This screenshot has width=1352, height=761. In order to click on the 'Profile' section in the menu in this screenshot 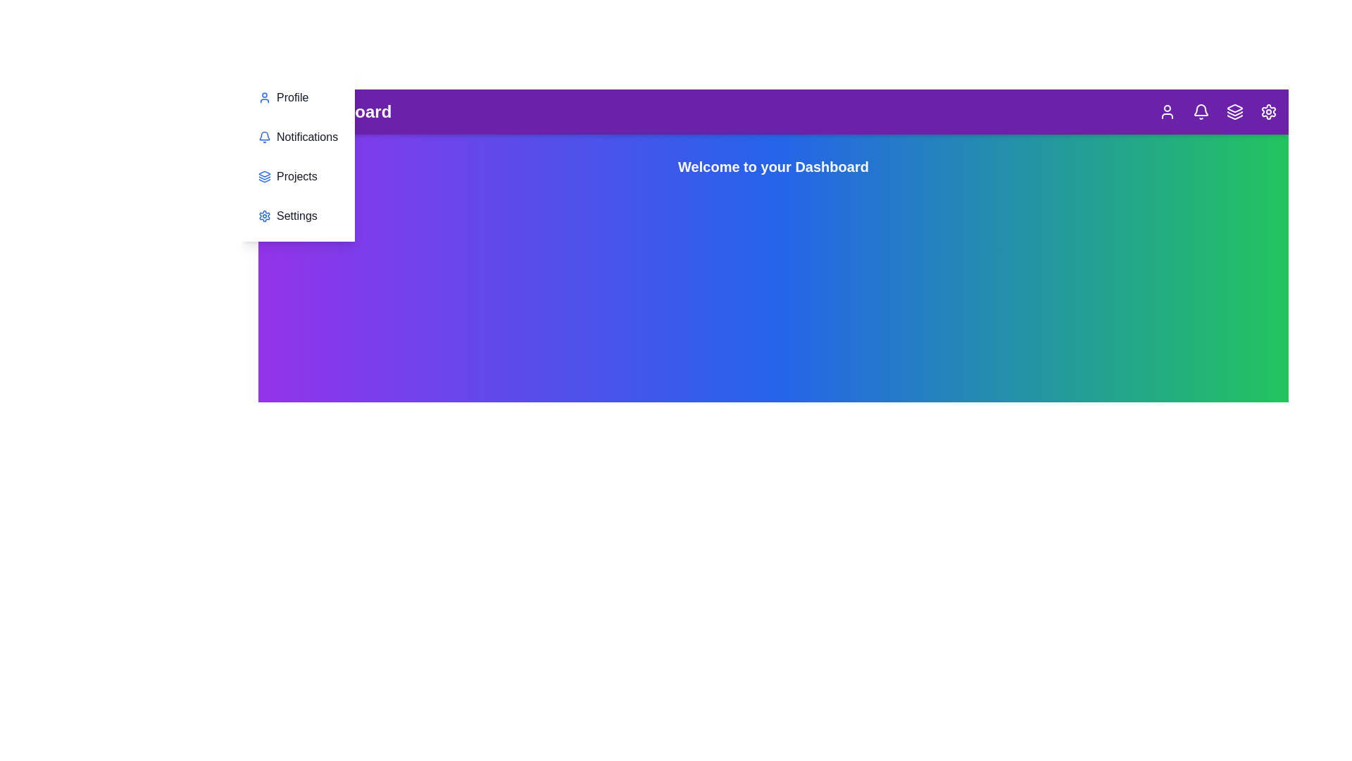, I will do `click(296, 97)`.